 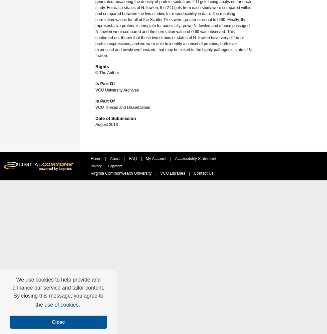 What do you see at coordinates (115, 118) in the screenshot?
I see `'Date of Submission'` at bounding box center [115, 118].